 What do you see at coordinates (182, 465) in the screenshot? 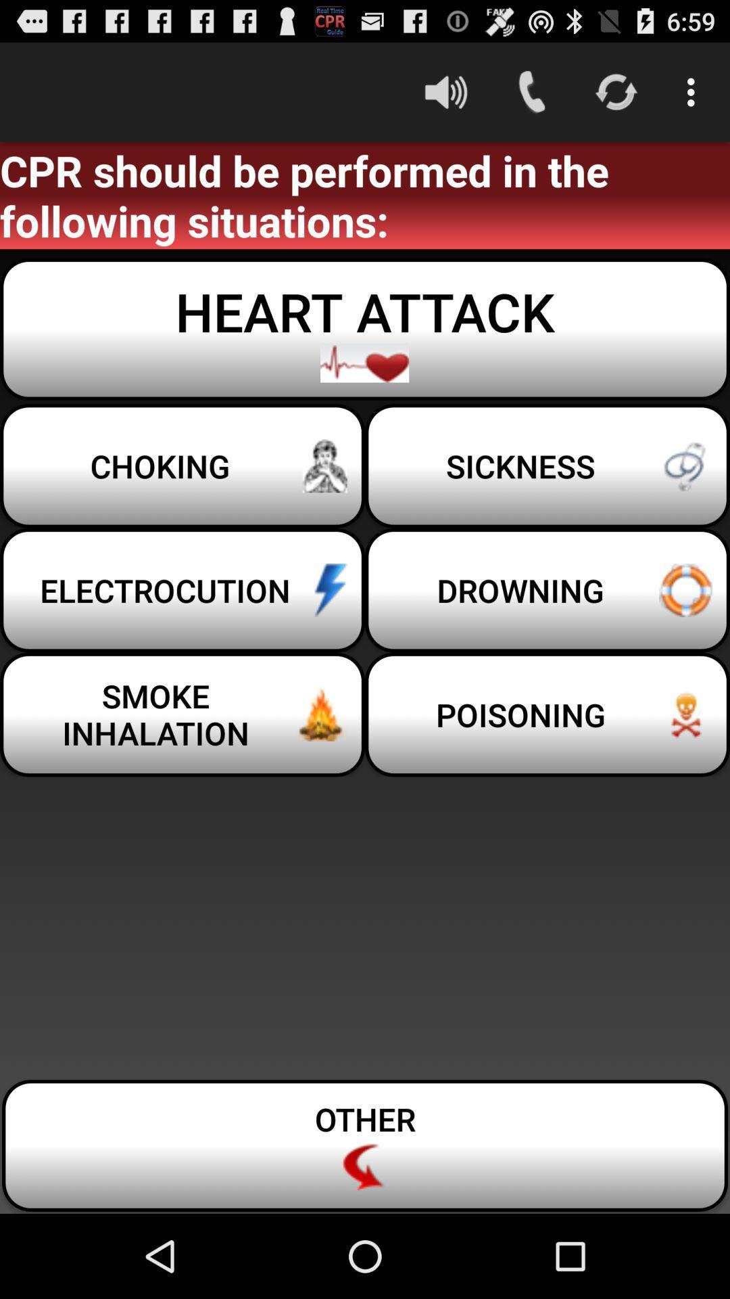
I see `item below heart attack item` at bounding box center [182, 465].